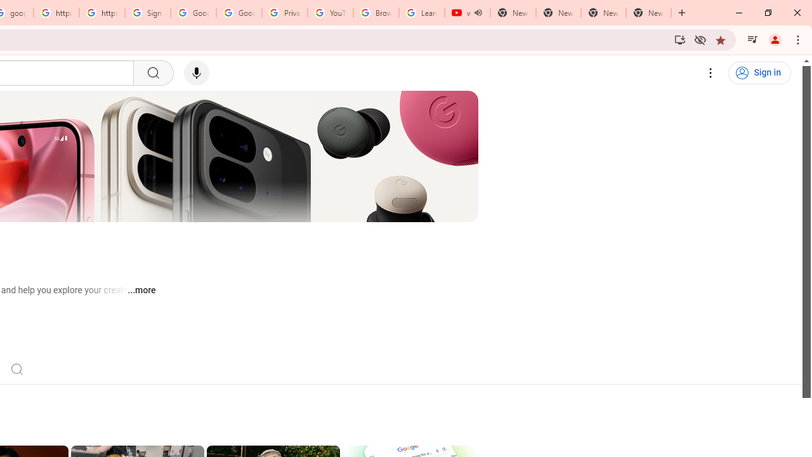 Image resolution: width=812 pixels, height=457 pixels. I want to click on 'Restore', so click(767, 13).